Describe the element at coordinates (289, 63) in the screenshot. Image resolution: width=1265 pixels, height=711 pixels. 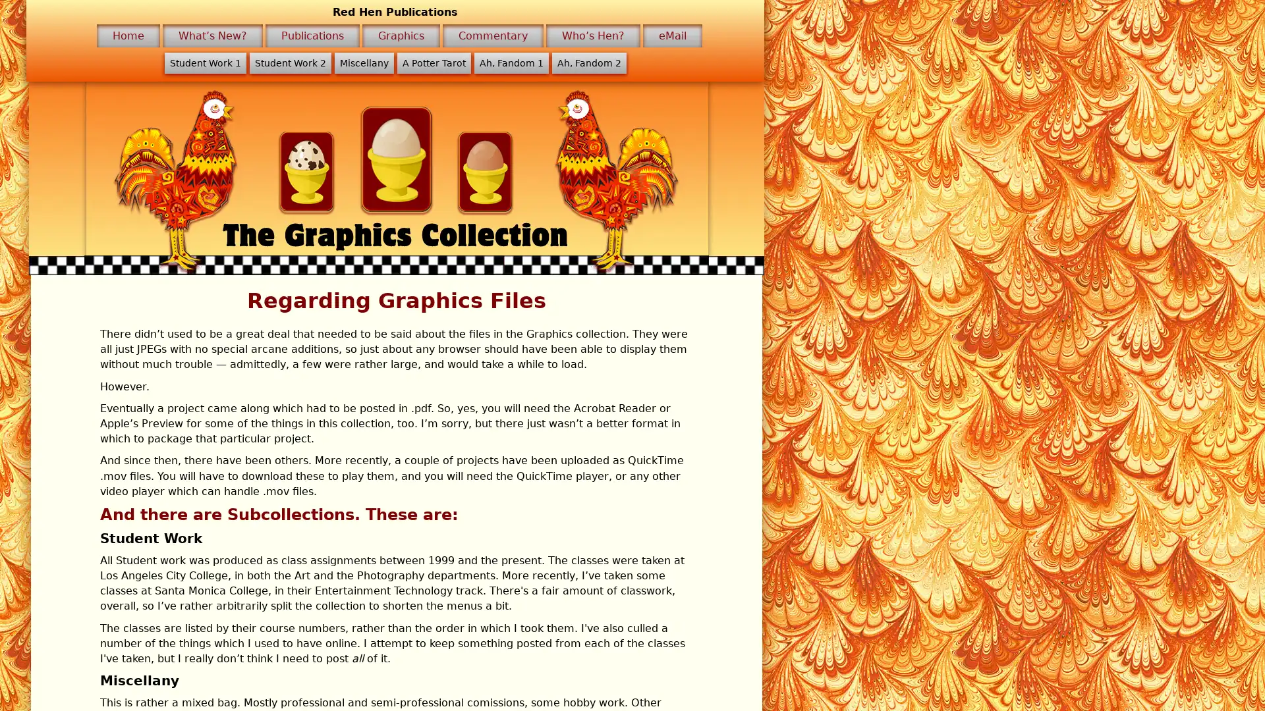
I see `Student Work 2` at that location.